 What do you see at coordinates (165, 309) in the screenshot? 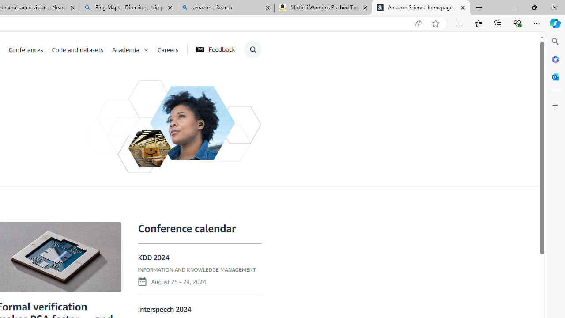
I see `'Interspeech 2024'` at bounding box center [165, 309].